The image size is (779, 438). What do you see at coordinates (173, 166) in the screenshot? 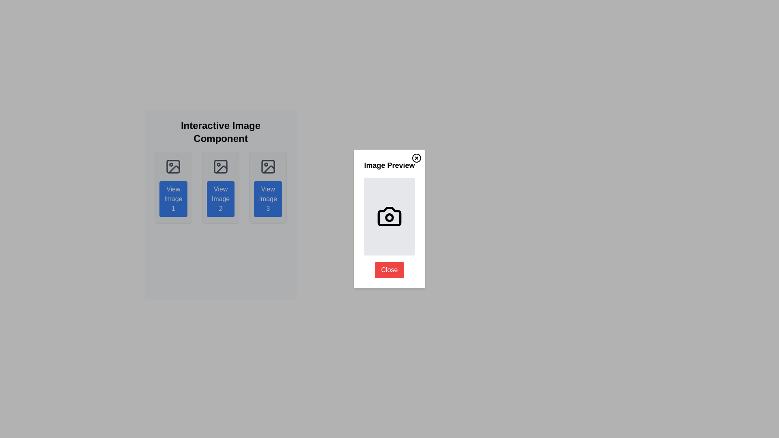
I see `the first SVG icon in the interactive control panel that represents an image operation` at bounding box center [173, 166].